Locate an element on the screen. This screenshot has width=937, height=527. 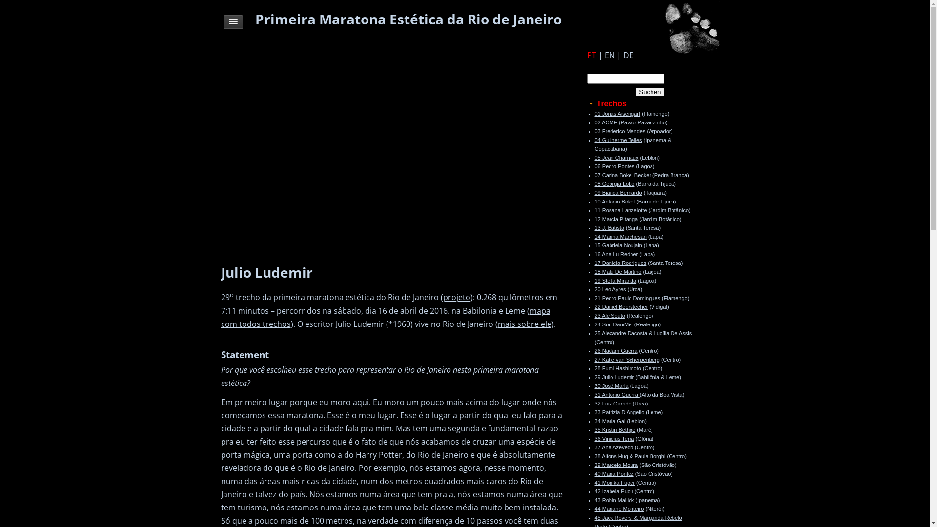
'EN' is located at coordinates (609, 55).